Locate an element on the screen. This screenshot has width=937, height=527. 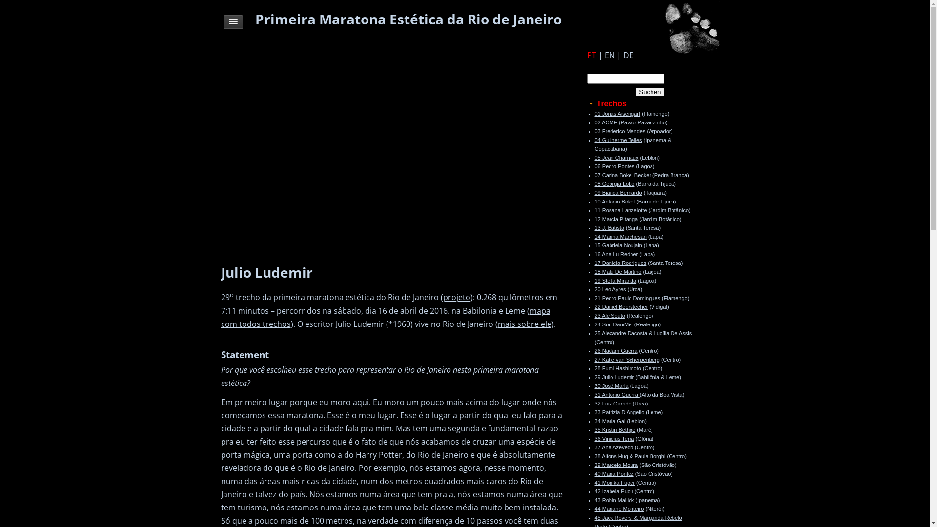
'EN' is located at coordinates (609, 55).